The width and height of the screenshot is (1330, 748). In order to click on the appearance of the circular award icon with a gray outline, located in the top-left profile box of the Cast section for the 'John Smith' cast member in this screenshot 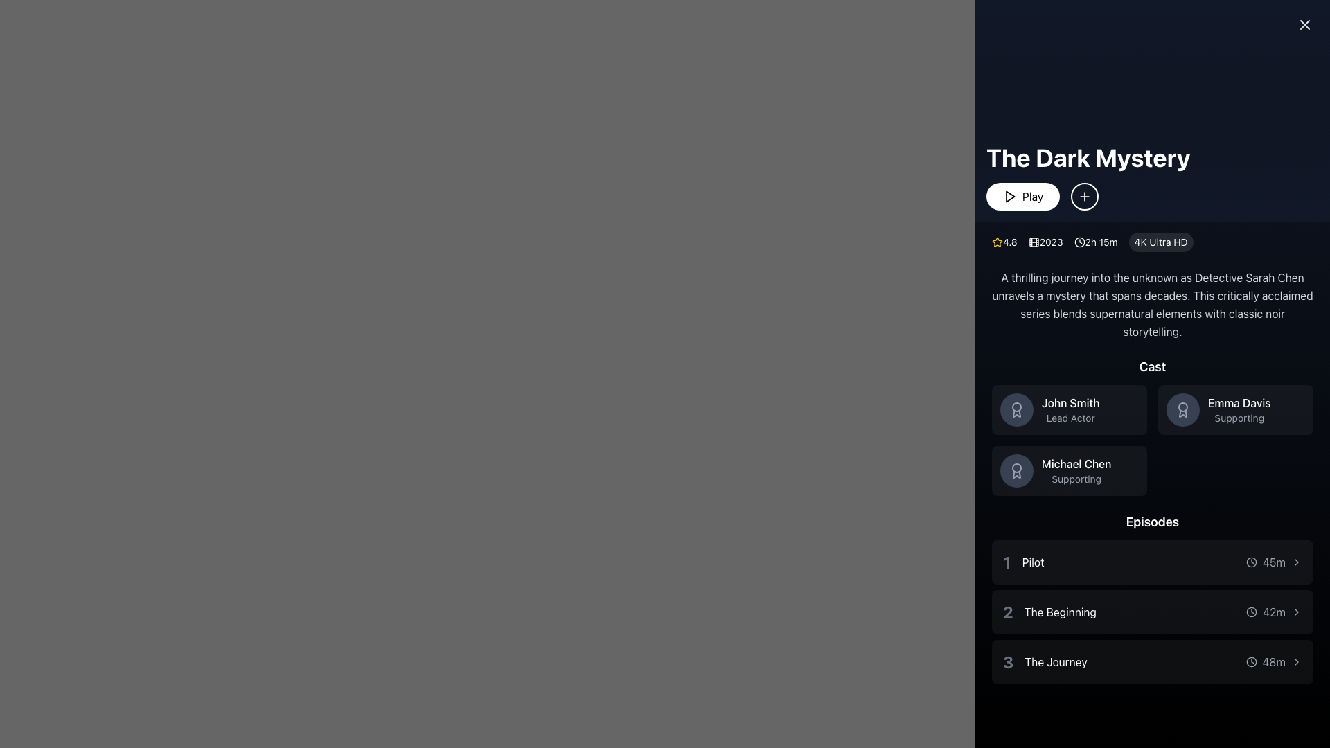, I will do `click(1017, 409)`.